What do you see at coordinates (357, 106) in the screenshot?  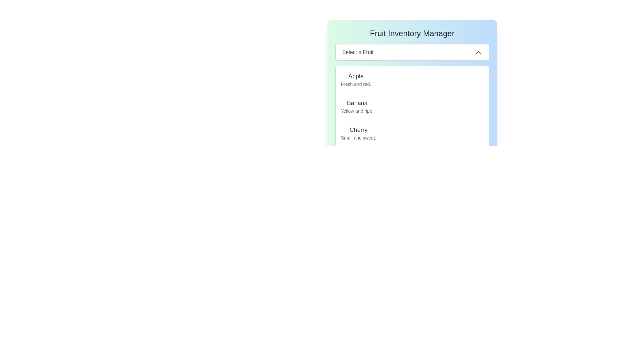 I see `the text block that describes a banana, positioned between 'Apple - Fresh and red.' and 'Cherry - Small and sweet.' in the vertical list` at bounding box center [357, 106].